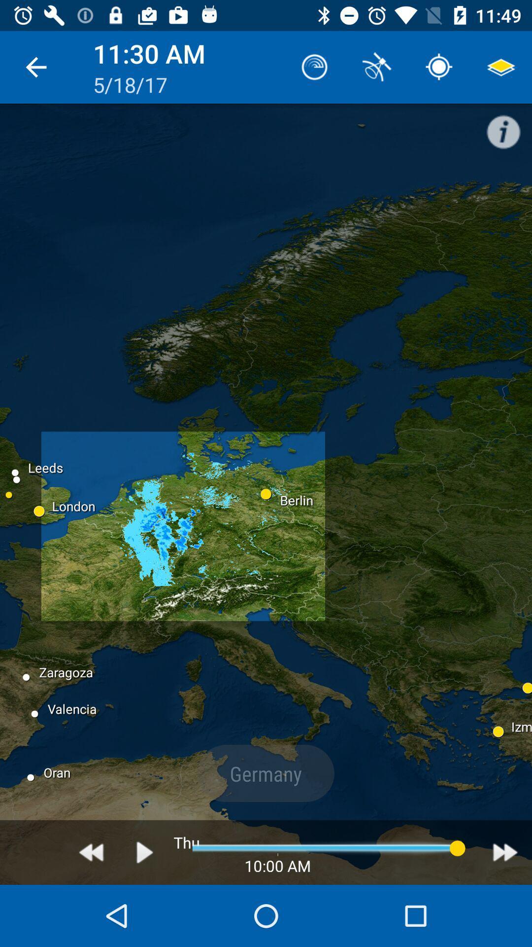  I want to click on fast forward time, so click(505, 852).